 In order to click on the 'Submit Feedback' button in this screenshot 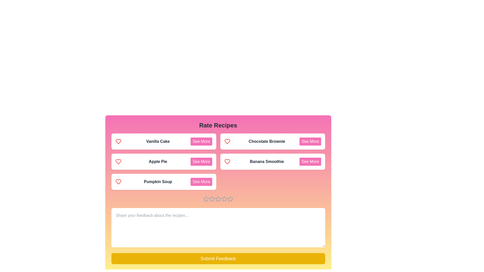, I will do `click(218, 258)`.